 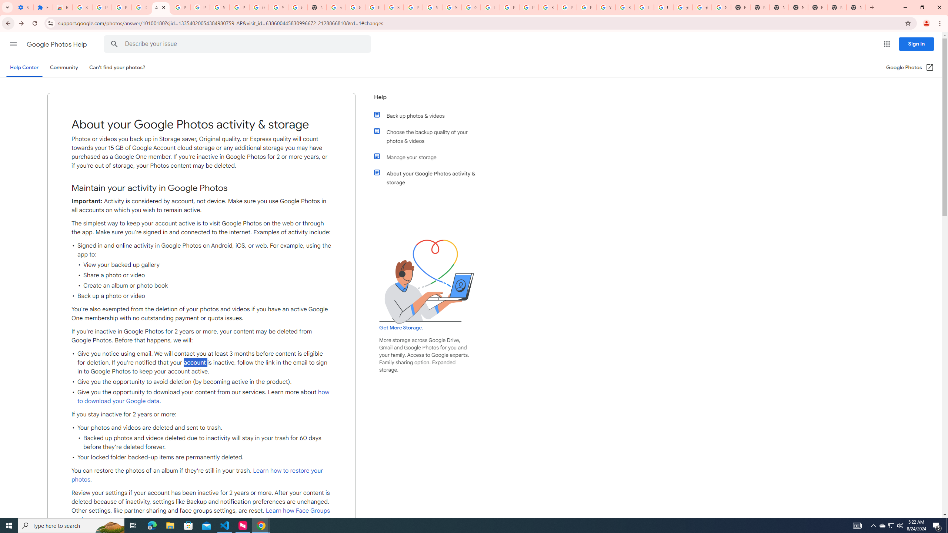 I want to click on 'Describe your issue', so click(x=238, y=44).